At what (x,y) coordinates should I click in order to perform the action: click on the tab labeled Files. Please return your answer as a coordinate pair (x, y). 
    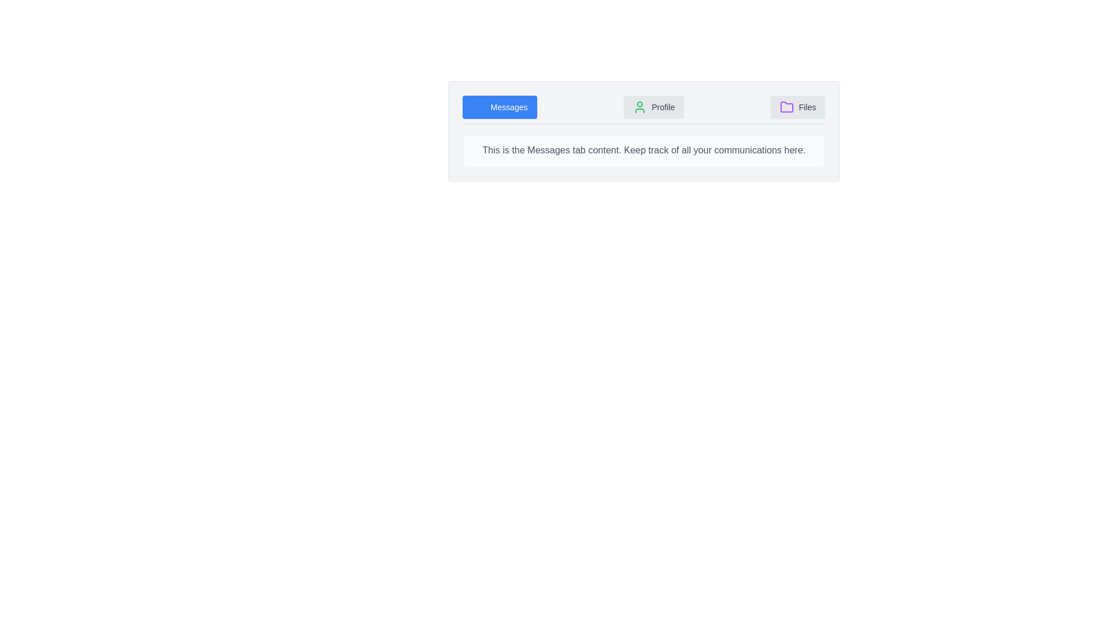
    Looking at the image, I should click on (797, 107).